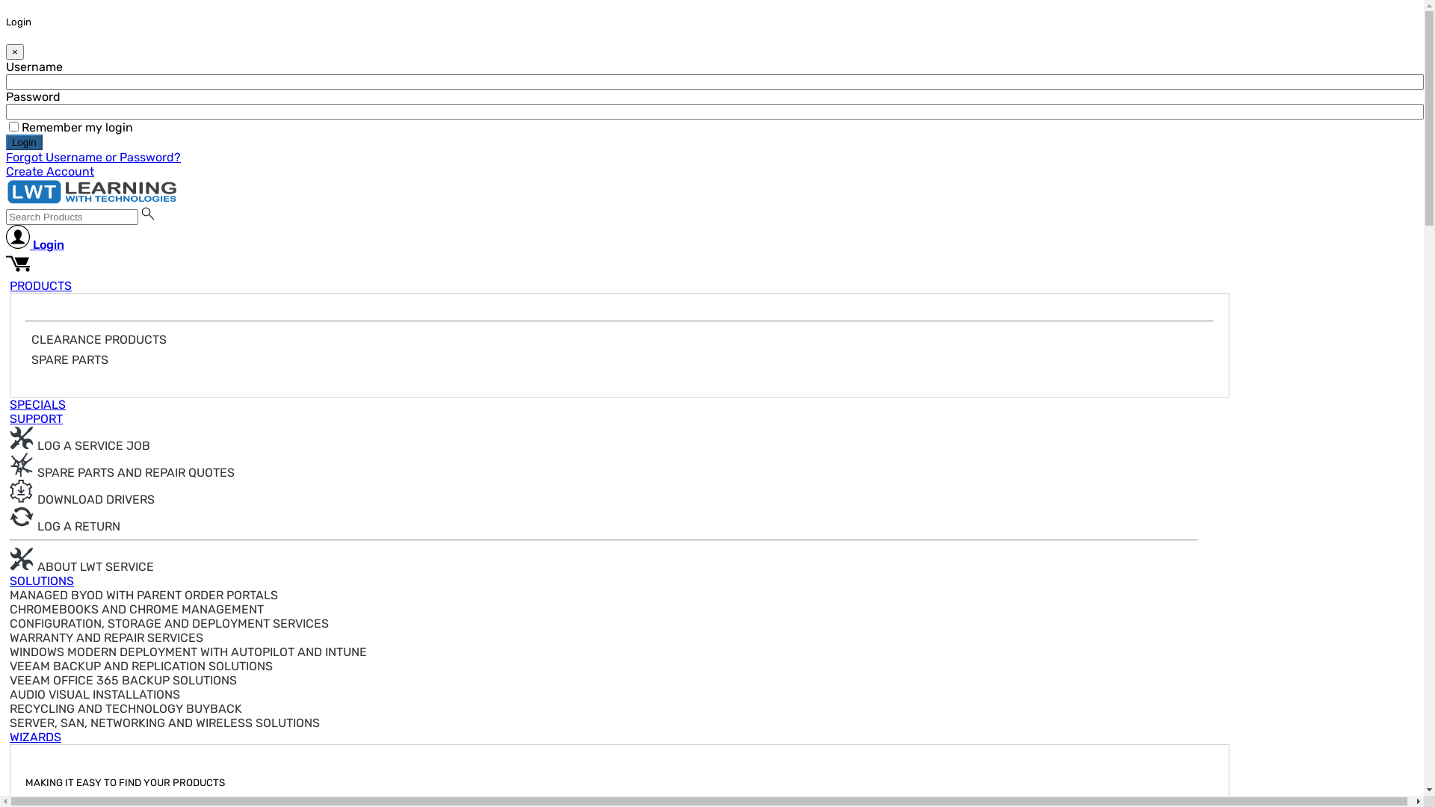 The height and width of the screenshot is (807, 1435). I want to click on 'SUPPORT', so click(10, 418).